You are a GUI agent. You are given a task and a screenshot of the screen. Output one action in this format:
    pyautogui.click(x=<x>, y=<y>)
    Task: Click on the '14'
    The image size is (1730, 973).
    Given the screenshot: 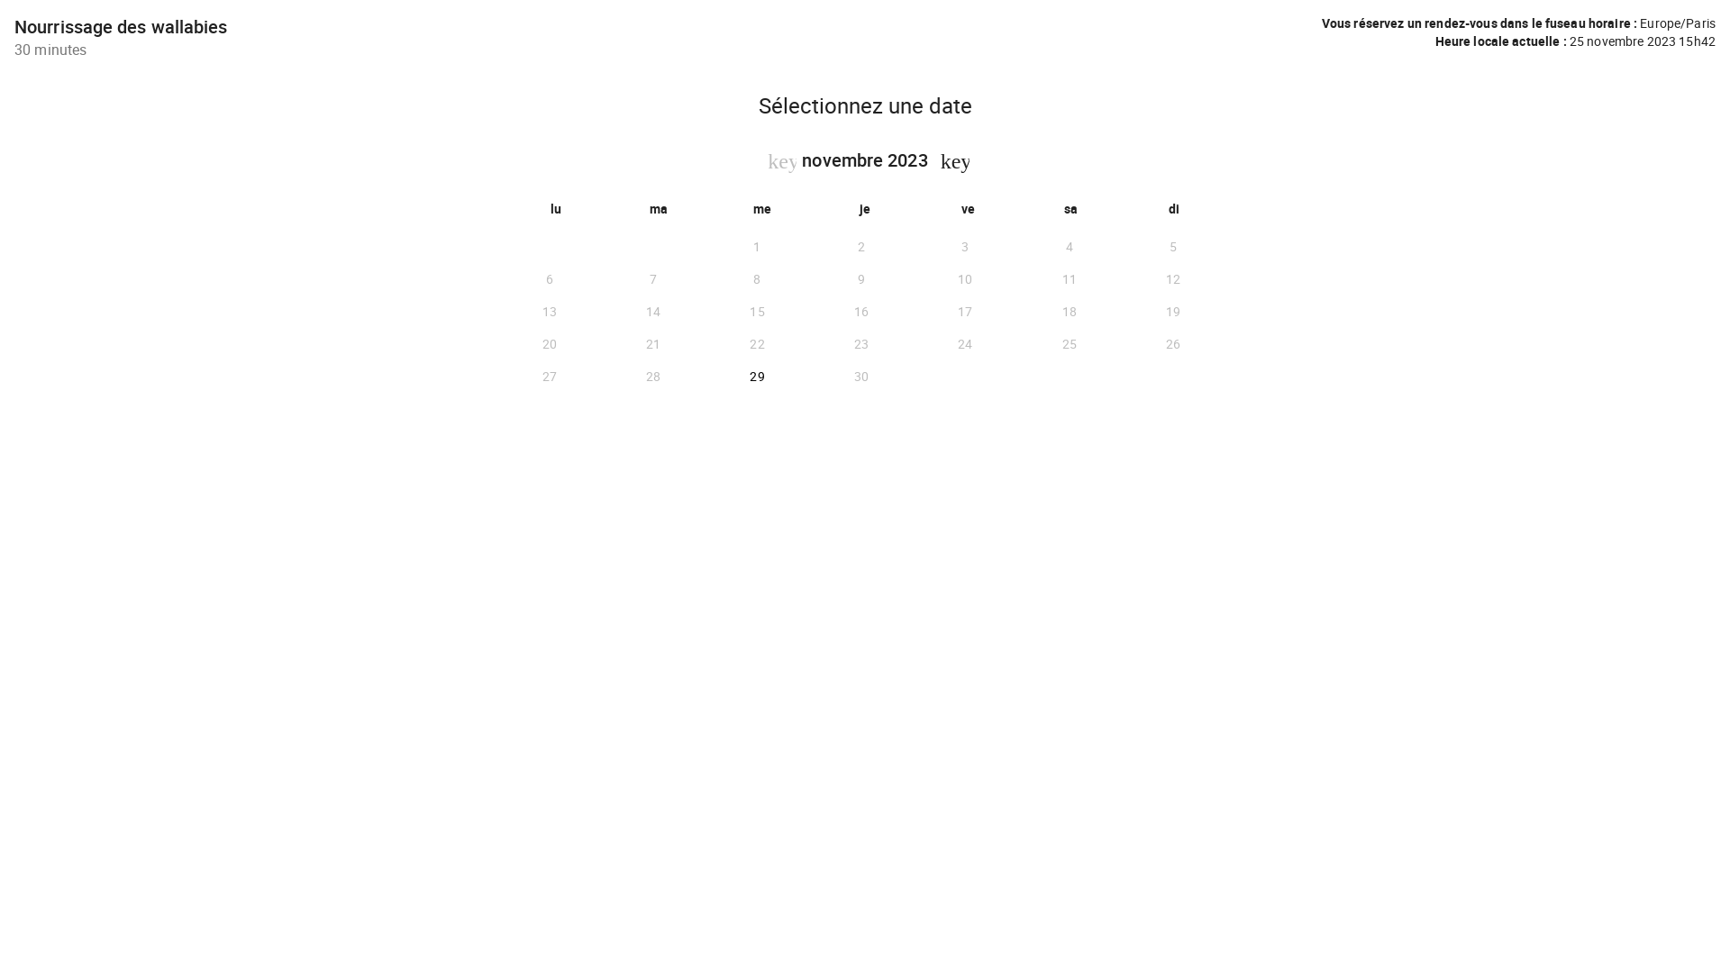 What is the action you would take?
    pyautogui.click(x=651, y=311)
    